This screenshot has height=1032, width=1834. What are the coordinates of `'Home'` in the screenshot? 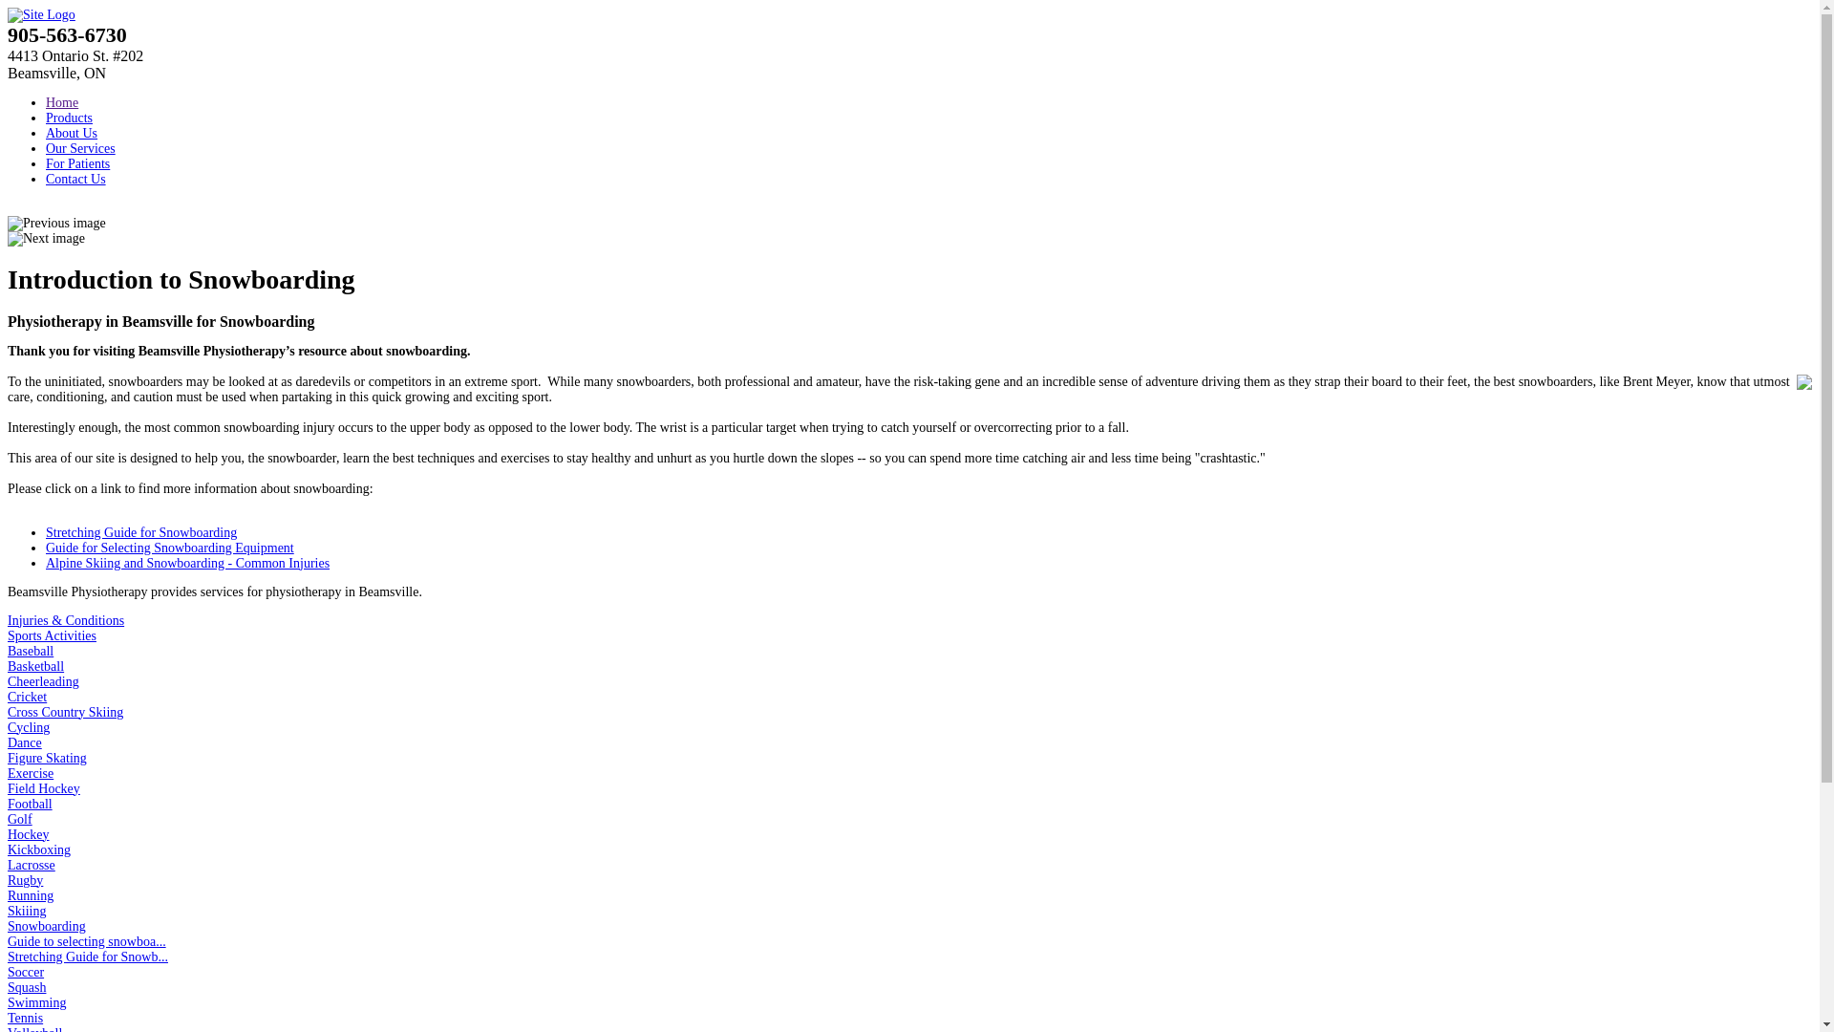 It's located at (46, 102).